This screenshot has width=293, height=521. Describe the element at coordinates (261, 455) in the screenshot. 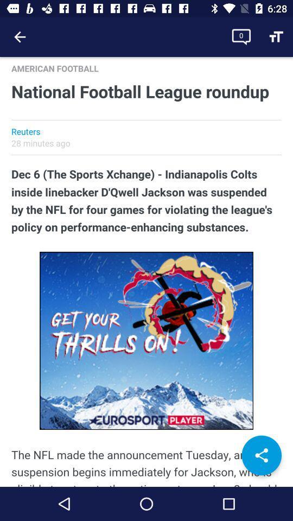

I see `the share icon` at that location.